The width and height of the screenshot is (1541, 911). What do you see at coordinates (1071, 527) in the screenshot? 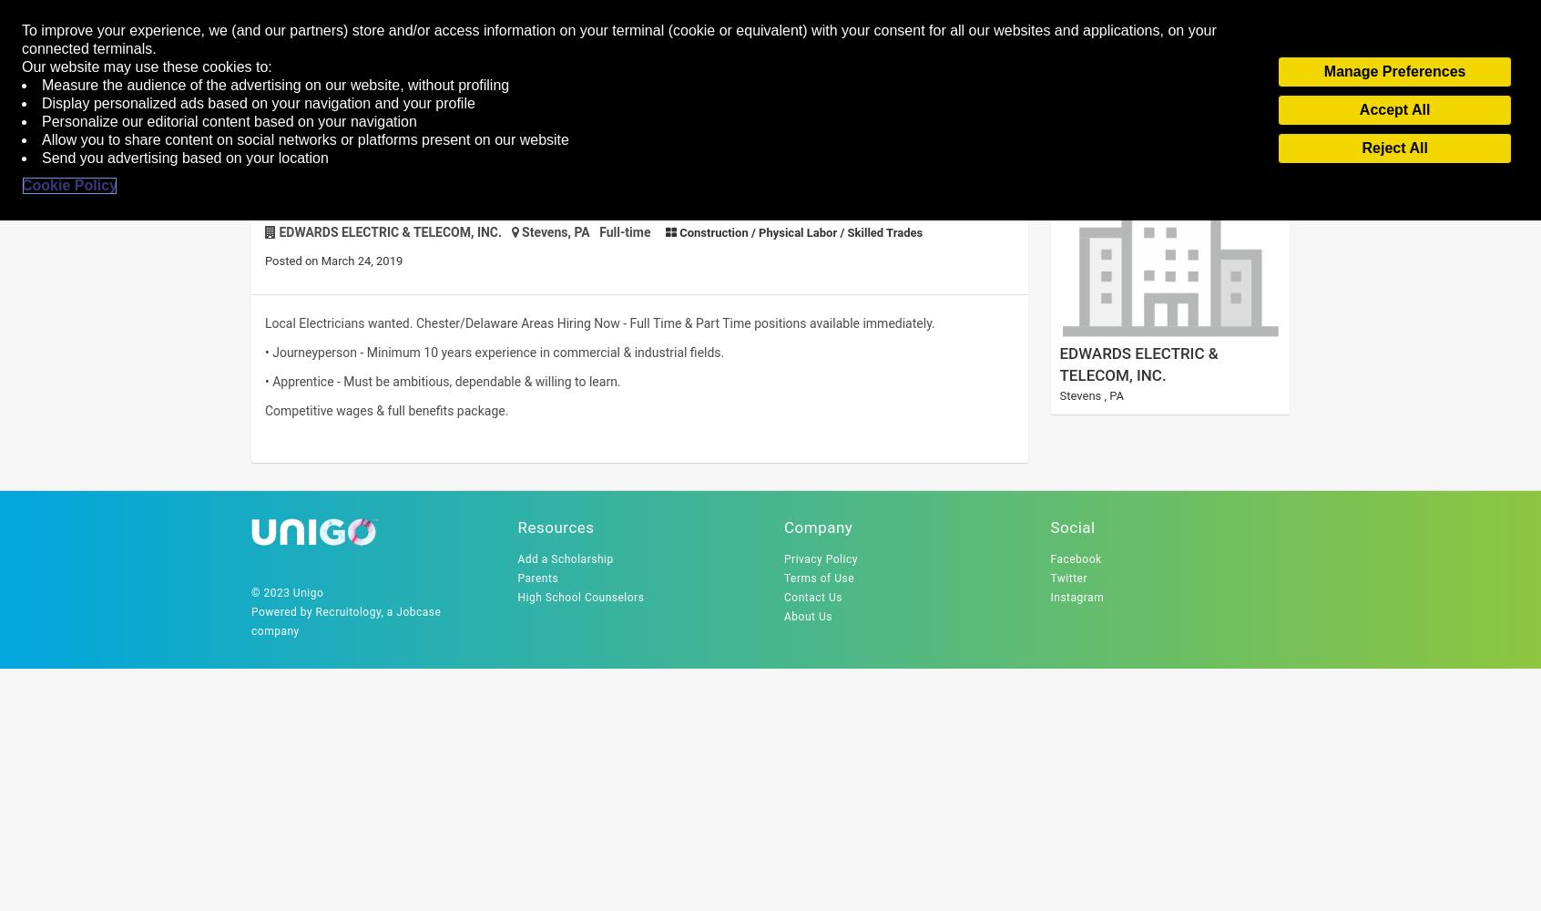
I see `'Social'` at bounding box center [1071, 527].